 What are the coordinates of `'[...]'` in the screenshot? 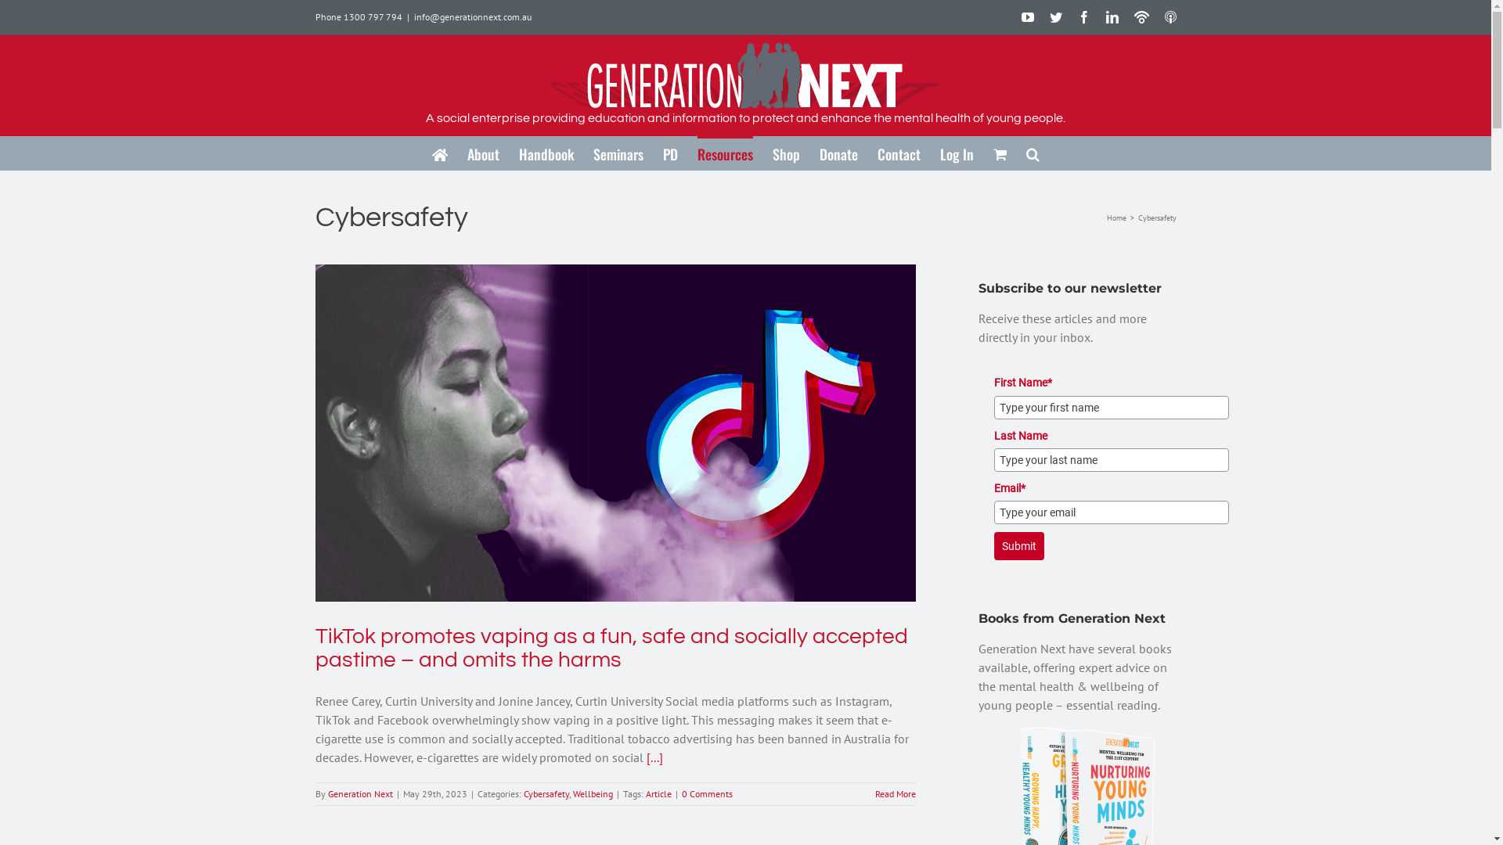 It's located at (646, 757).